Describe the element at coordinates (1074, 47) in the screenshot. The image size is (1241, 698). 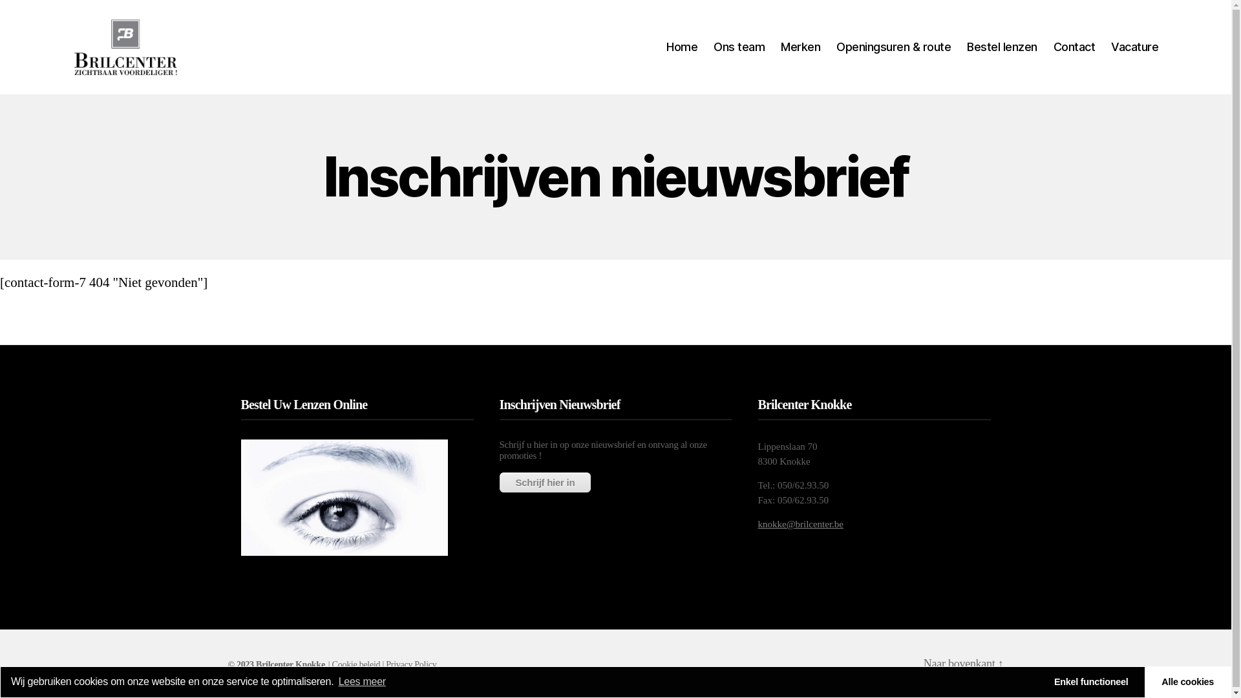
I see `'Contact'` at that location.